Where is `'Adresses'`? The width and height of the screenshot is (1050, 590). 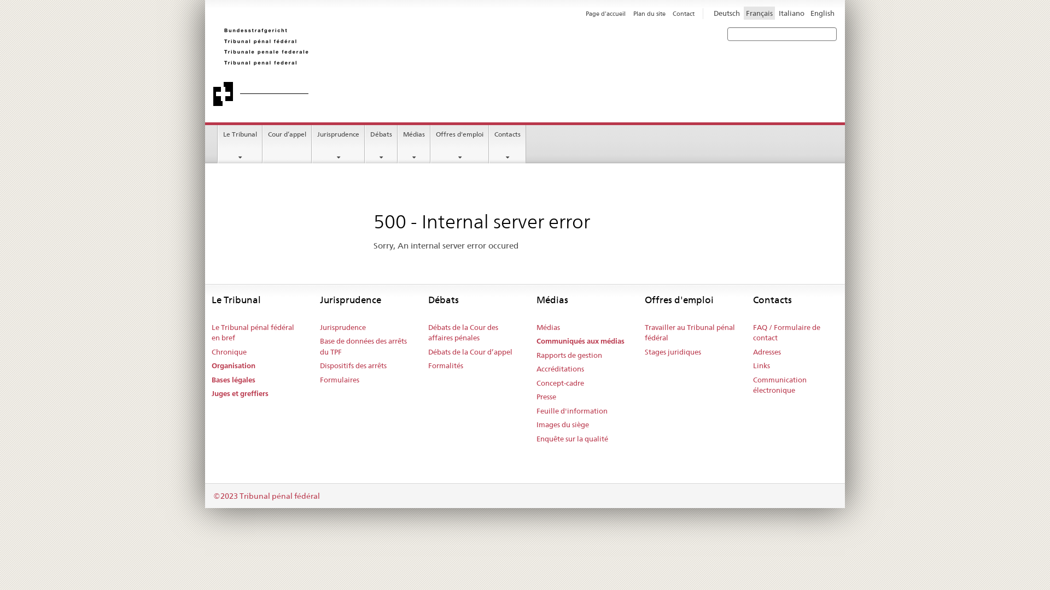 'Adresses' is located at coordinates (752, 352).